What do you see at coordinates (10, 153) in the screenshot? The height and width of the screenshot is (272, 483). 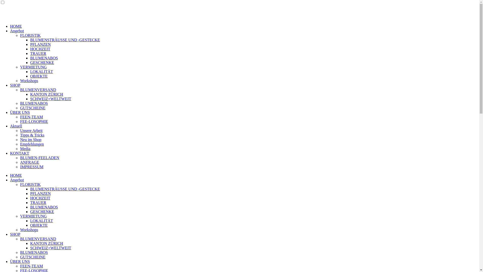 I see `'KONTAKT'` at bounding box center [10, 153].